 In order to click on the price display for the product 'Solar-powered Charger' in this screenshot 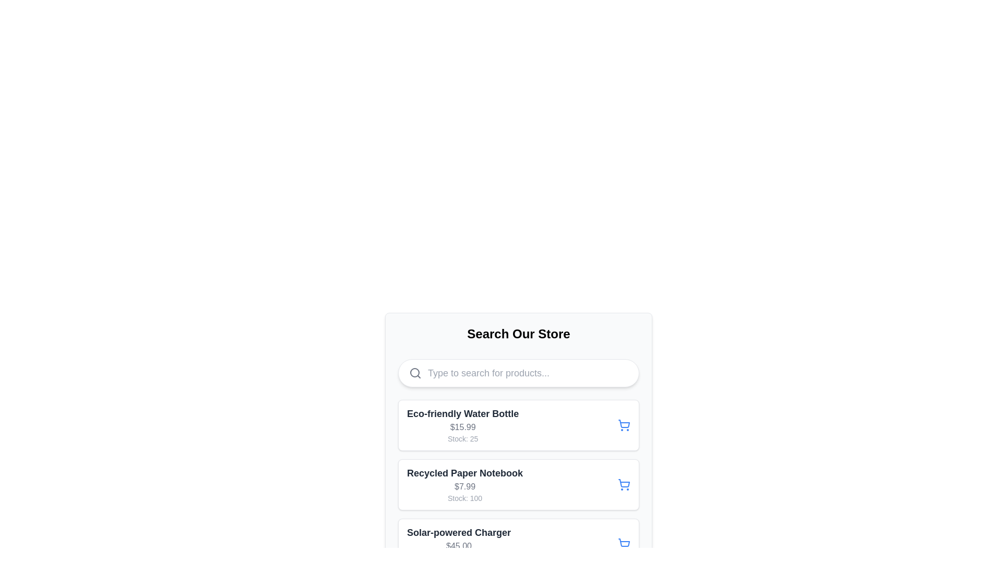, I will do `click(459, 546)`.